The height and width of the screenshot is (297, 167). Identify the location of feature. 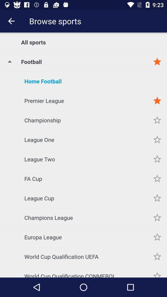
(157, 120).